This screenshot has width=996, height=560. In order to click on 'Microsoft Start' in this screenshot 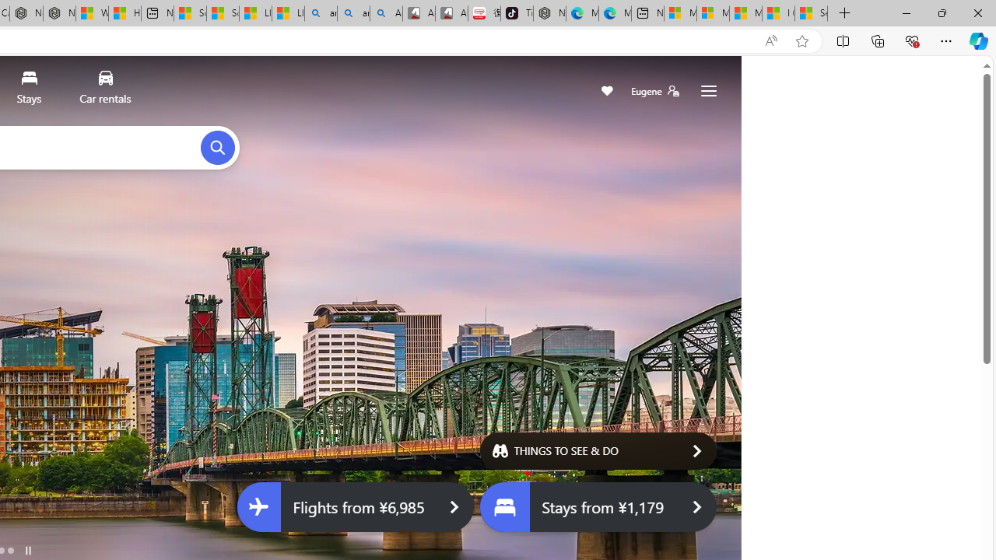, I will do `click(745, 13)`.